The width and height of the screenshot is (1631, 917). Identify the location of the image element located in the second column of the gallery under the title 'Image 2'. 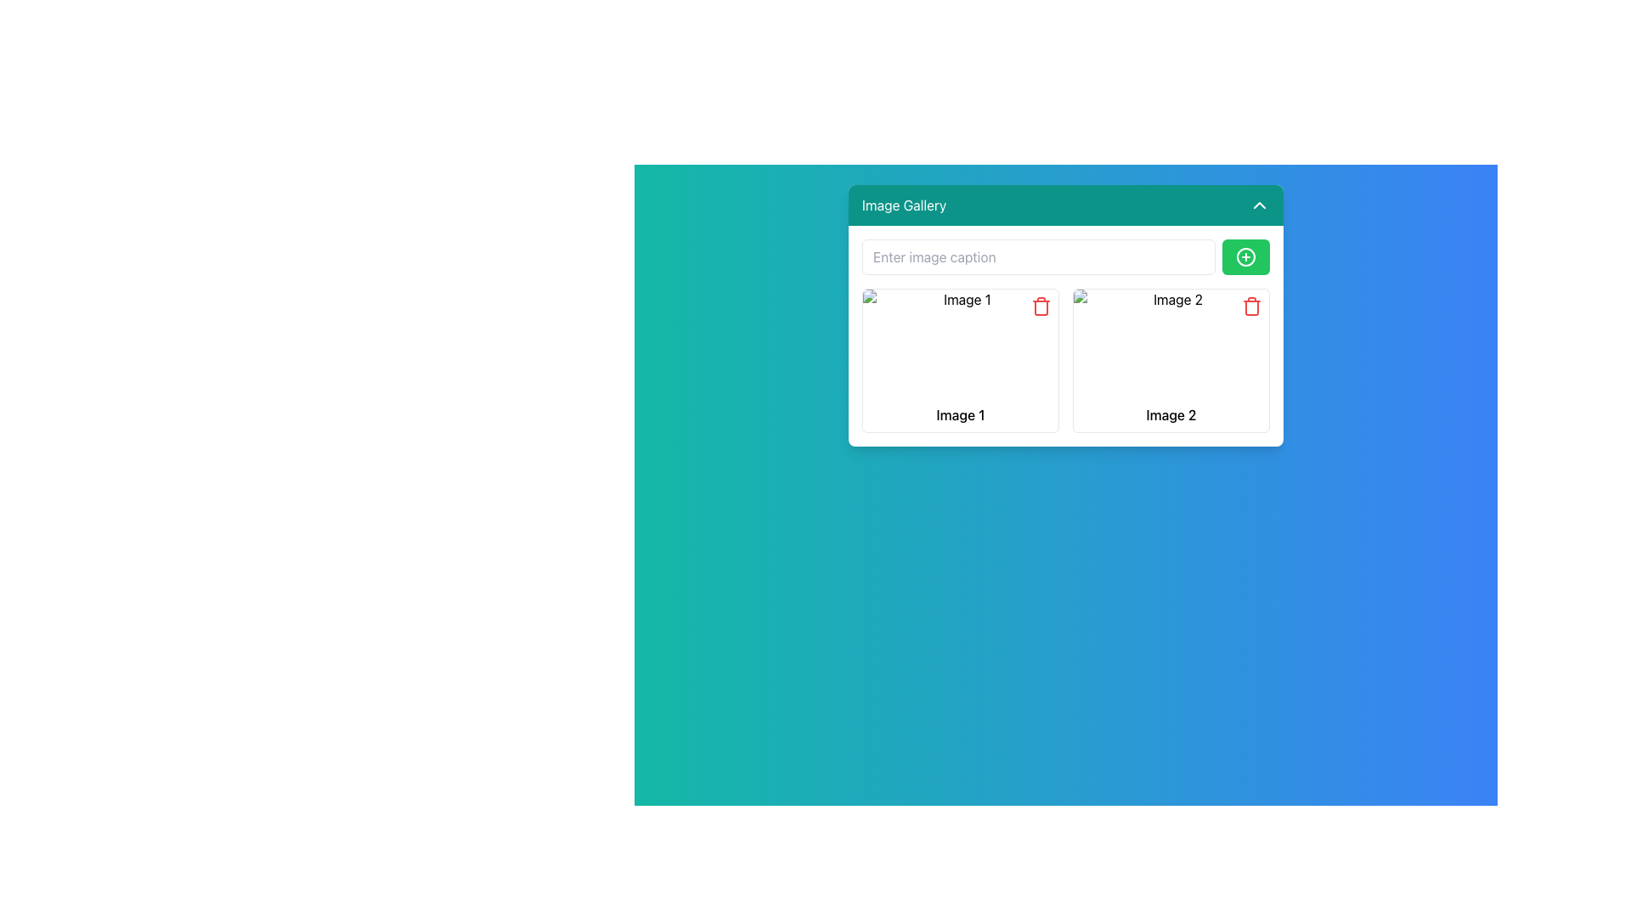
(1170, 344).